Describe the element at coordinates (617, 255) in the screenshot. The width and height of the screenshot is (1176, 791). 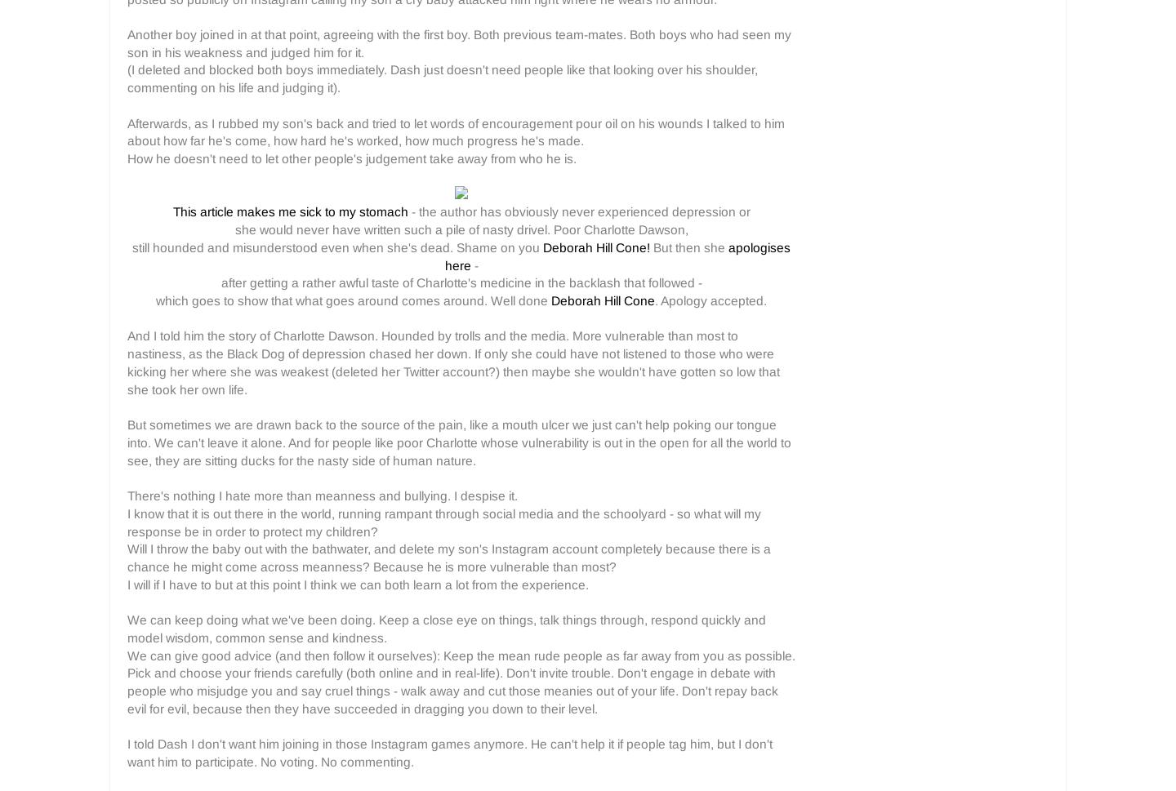
I see `'apologises here'` at that location.